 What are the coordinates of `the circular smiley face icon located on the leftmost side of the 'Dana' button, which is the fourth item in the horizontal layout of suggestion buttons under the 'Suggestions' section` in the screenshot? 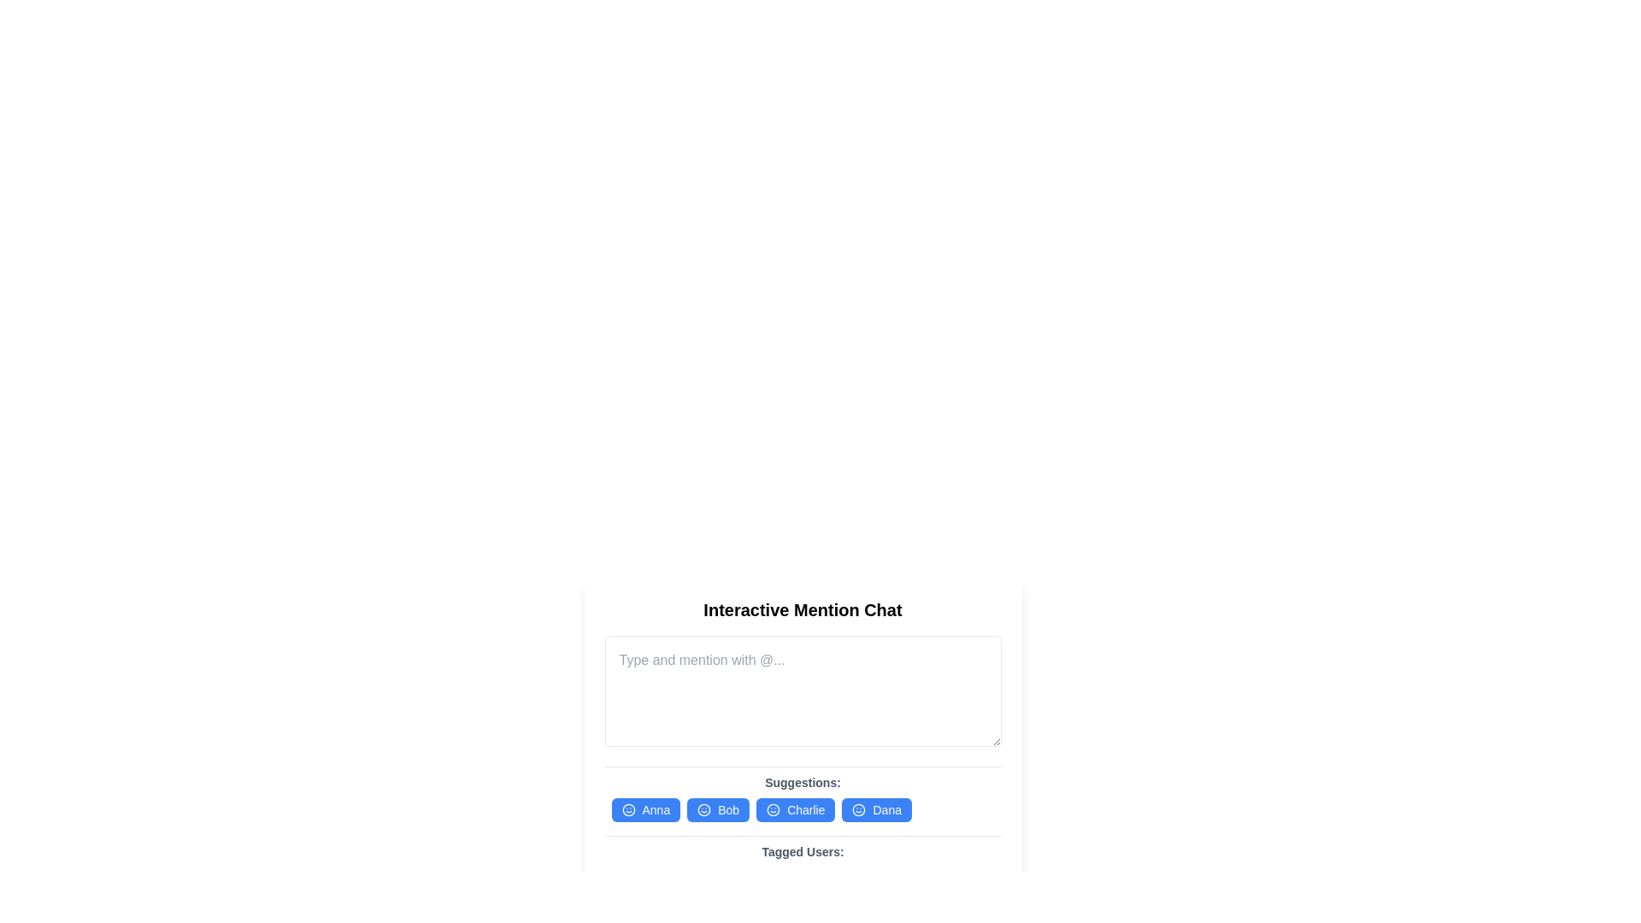 It's located at (859, 809).